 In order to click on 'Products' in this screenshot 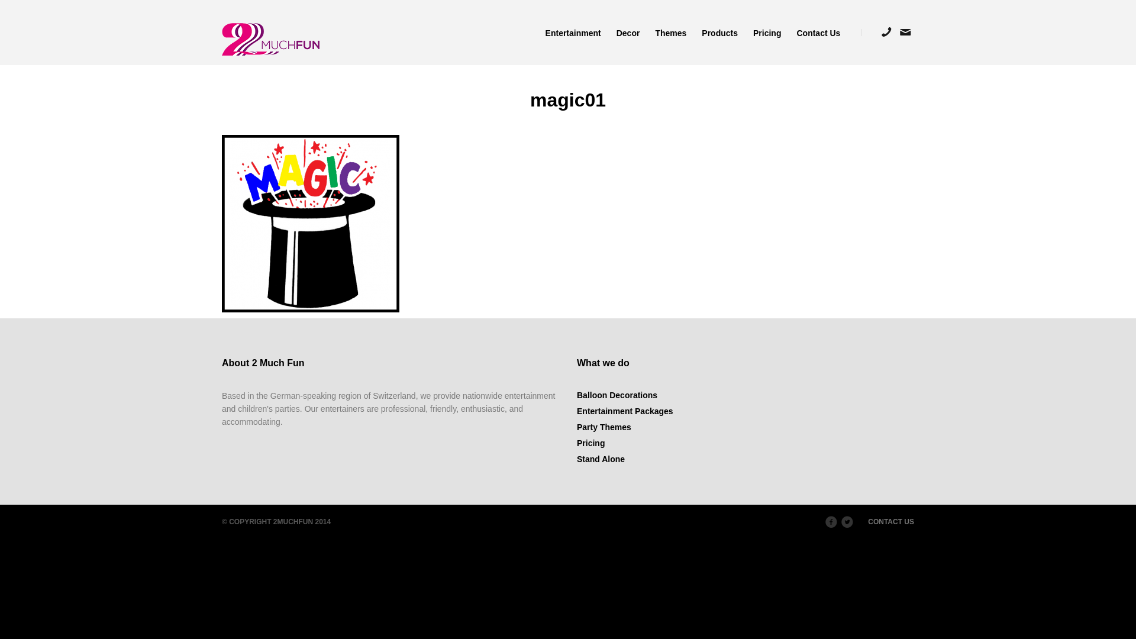, I will do `click(719, 31)`.